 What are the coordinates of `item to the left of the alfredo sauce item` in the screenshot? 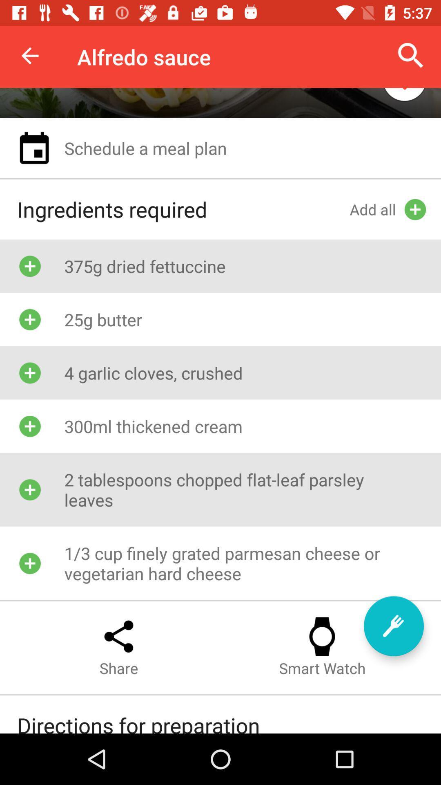 It's located at (29, 55).